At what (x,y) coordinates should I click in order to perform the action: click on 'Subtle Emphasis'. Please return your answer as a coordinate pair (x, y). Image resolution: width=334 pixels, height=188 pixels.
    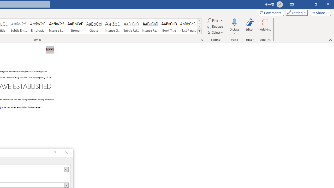
    Looking at the image, I should click on (19, 26).